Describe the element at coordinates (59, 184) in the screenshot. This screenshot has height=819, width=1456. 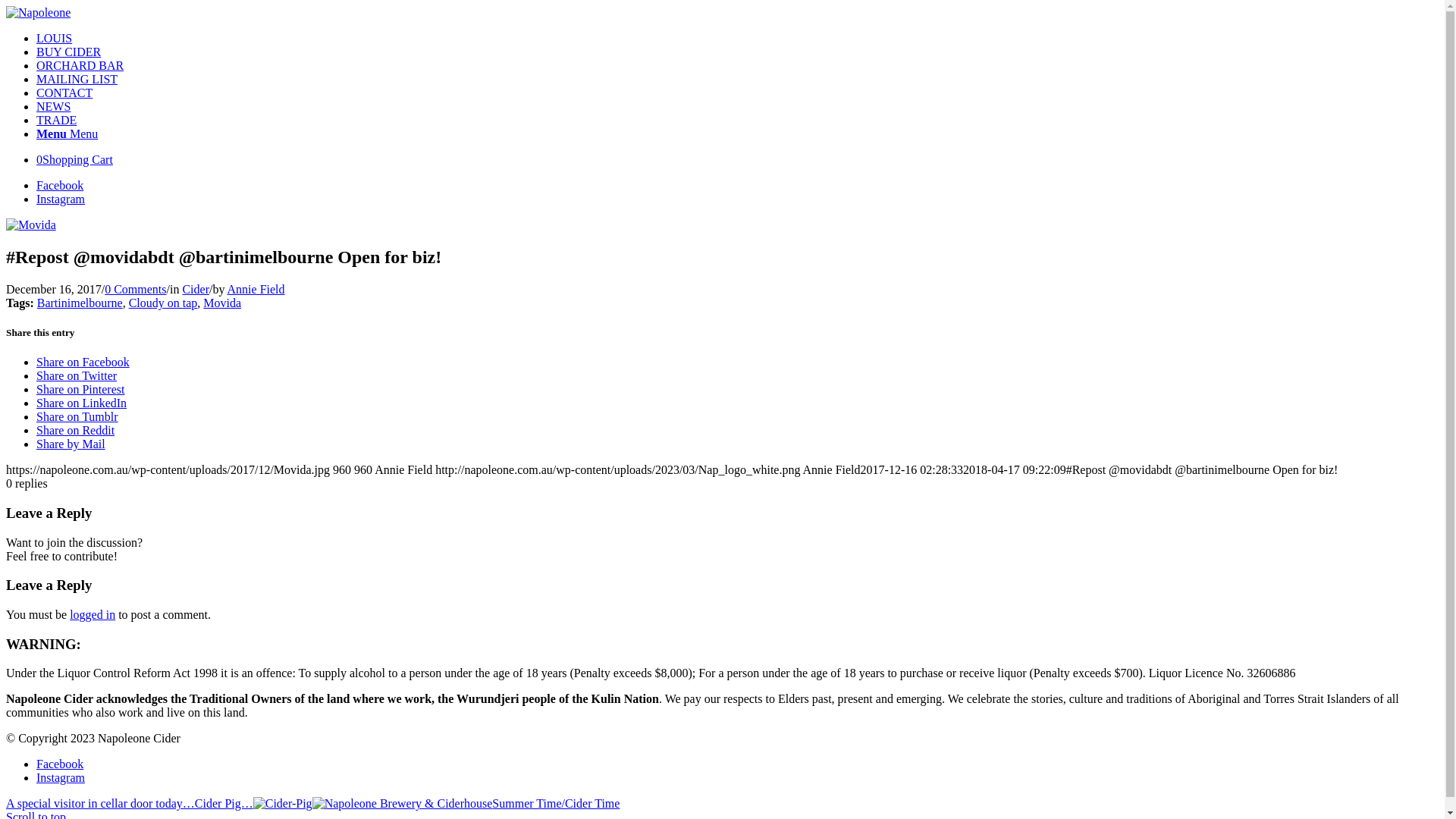
I see `'Facebook'` at that location.